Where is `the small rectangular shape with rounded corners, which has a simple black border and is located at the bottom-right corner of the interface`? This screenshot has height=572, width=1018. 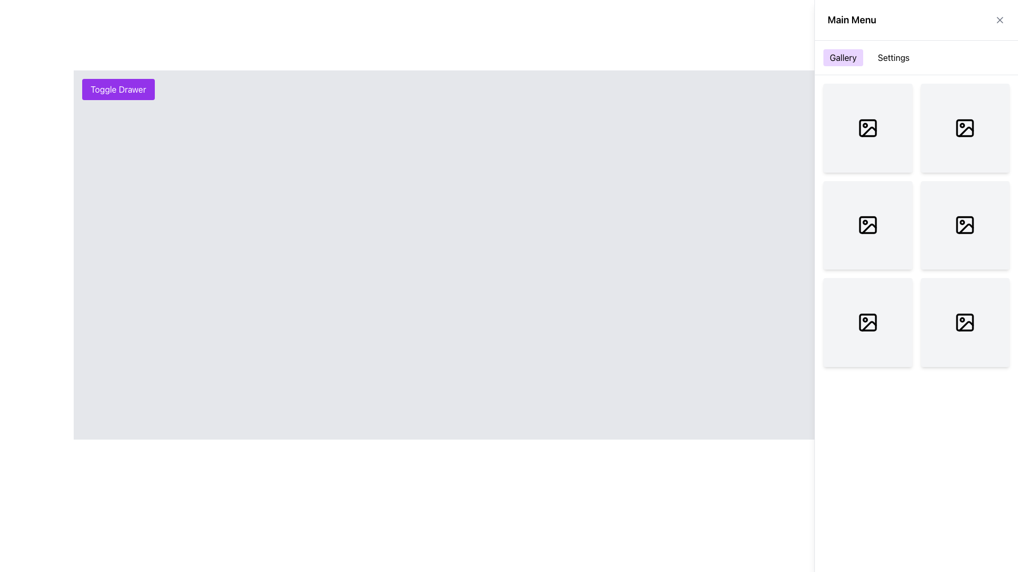
the small rectangular shape with rounded corners, which has a simple black border and is located at the bottom-right corner of the interface is located at coordinates (965, 321).